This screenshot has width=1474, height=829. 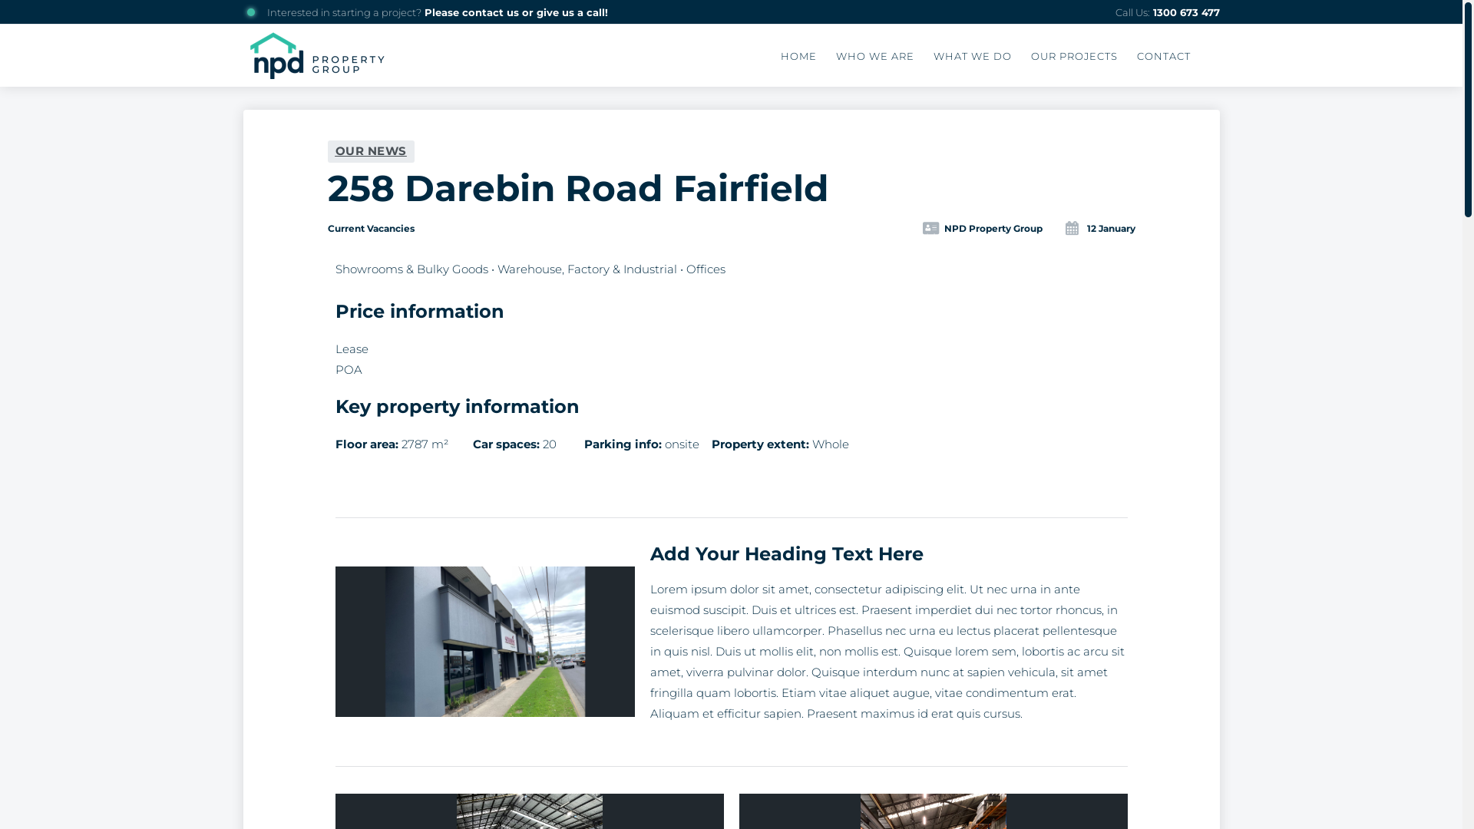 I want to click on 'WHAT WE DO', so click(x=932, y=55).